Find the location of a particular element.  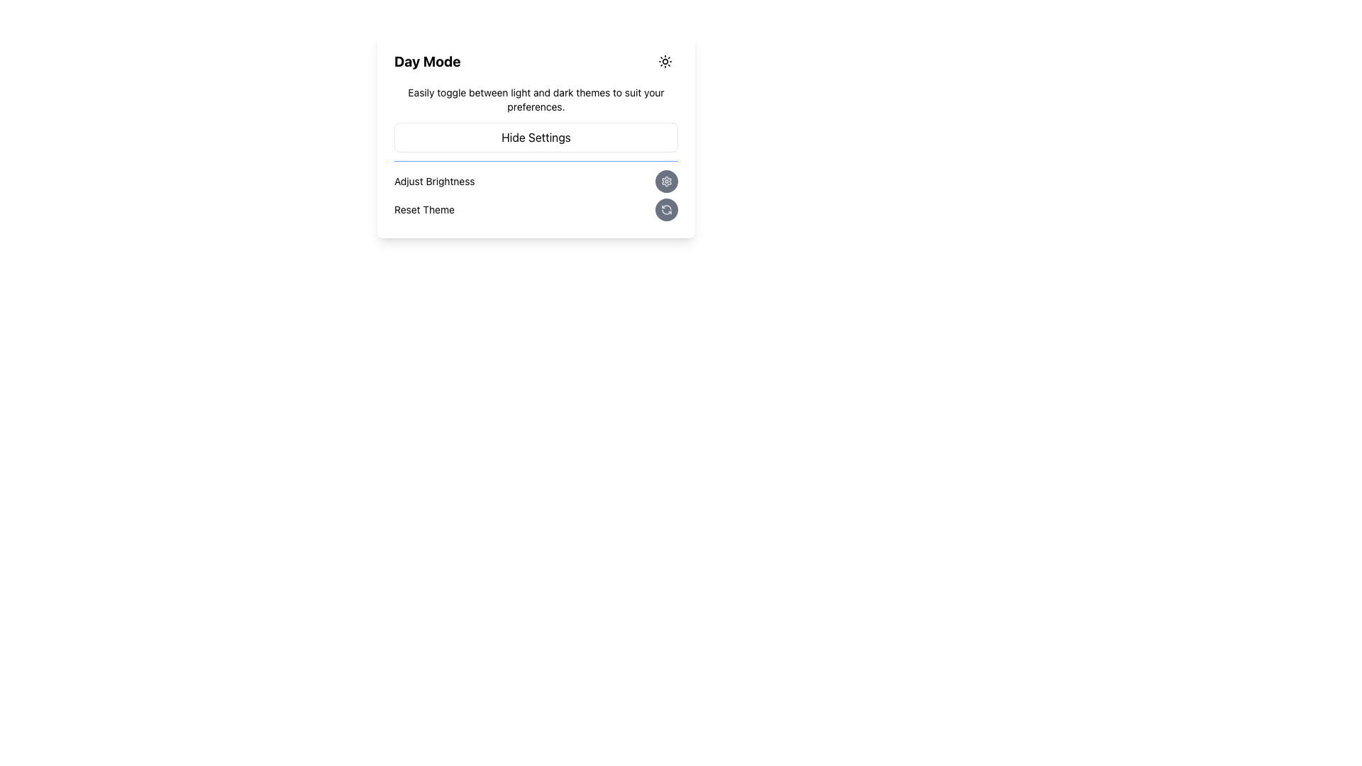

the 'Hide Settings' button, which is a rectangular button with rounded corners located below instructional text and above the 'Adjust Brightness' and 'Reset Theme' components is located at coordinates (535, 135).